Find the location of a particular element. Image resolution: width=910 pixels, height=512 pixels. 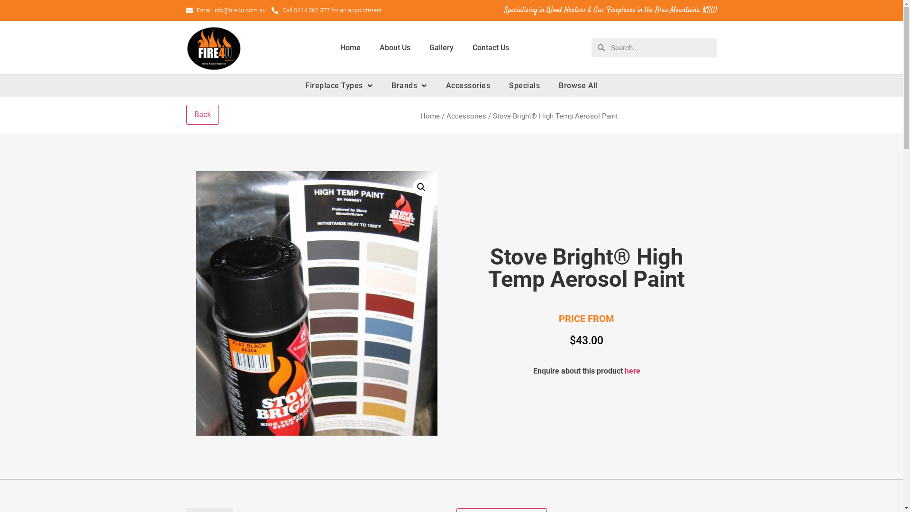

'Back' is located at coordinates (201, 114).